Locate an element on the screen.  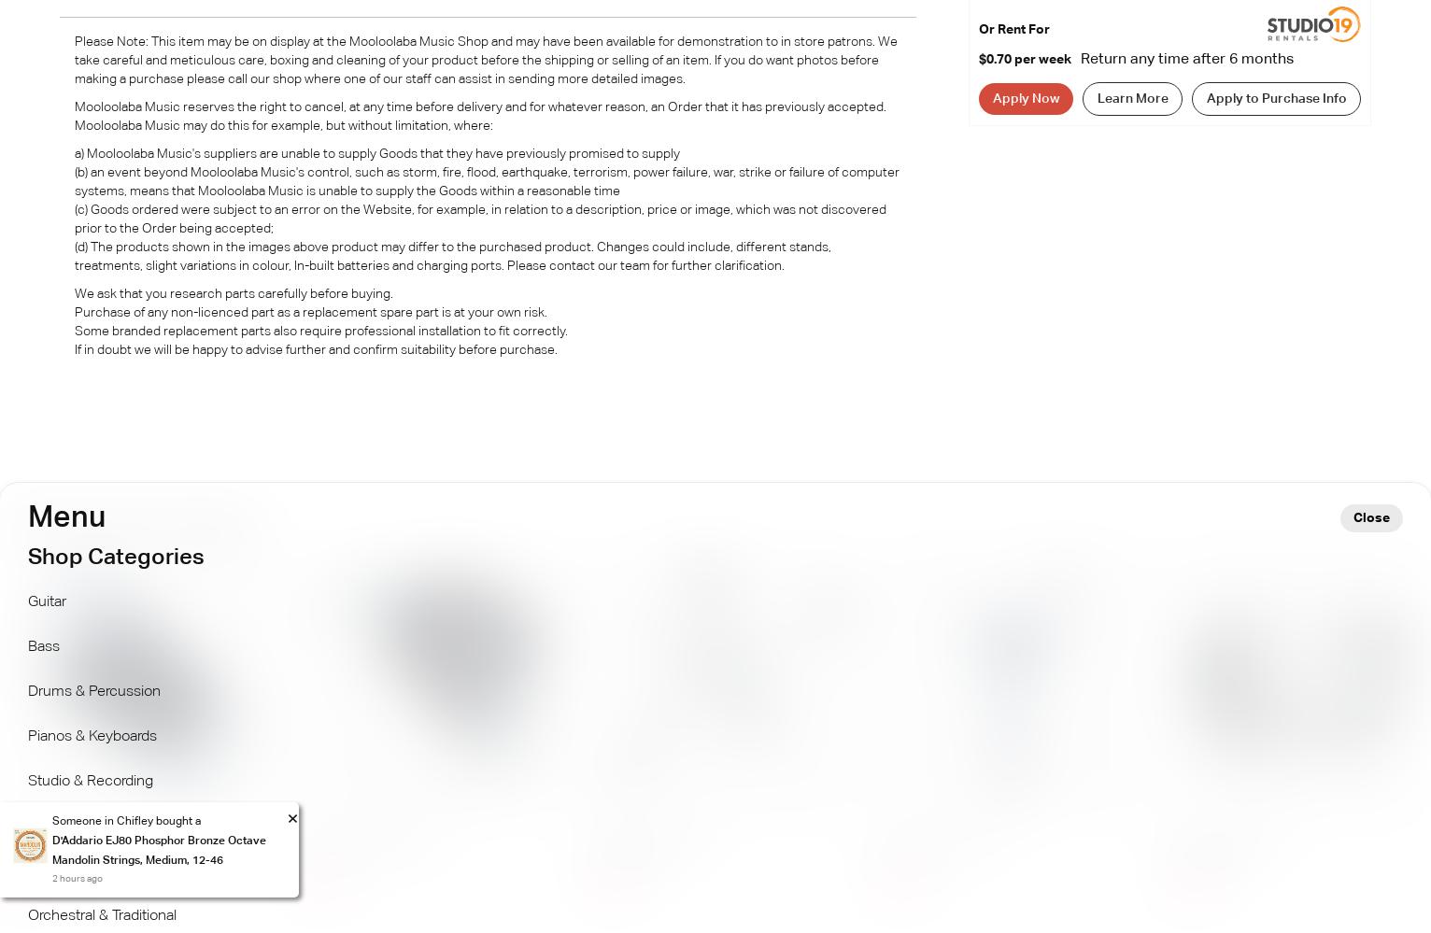
'Microphones' is located at coordinates (70, 826).